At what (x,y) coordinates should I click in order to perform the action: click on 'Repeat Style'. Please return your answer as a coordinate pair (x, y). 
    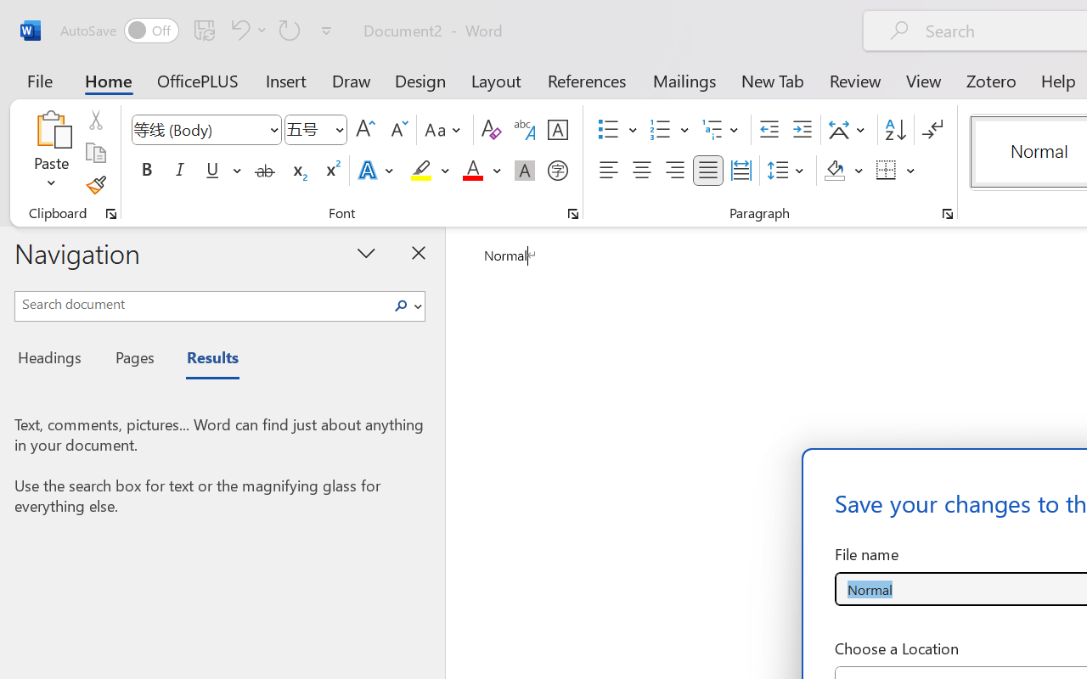
    Looking at the image, I should click on (290, 29).